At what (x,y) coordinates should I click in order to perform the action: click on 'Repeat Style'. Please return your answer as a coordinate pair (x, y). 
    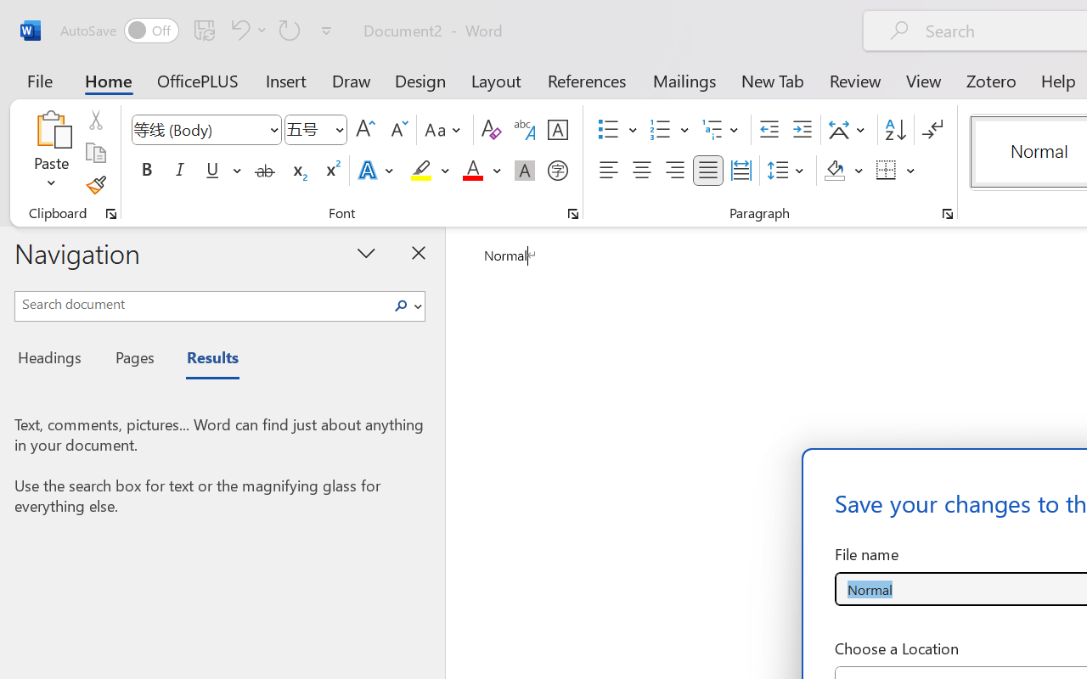
    Looking at the image, I should click on (290, 29).